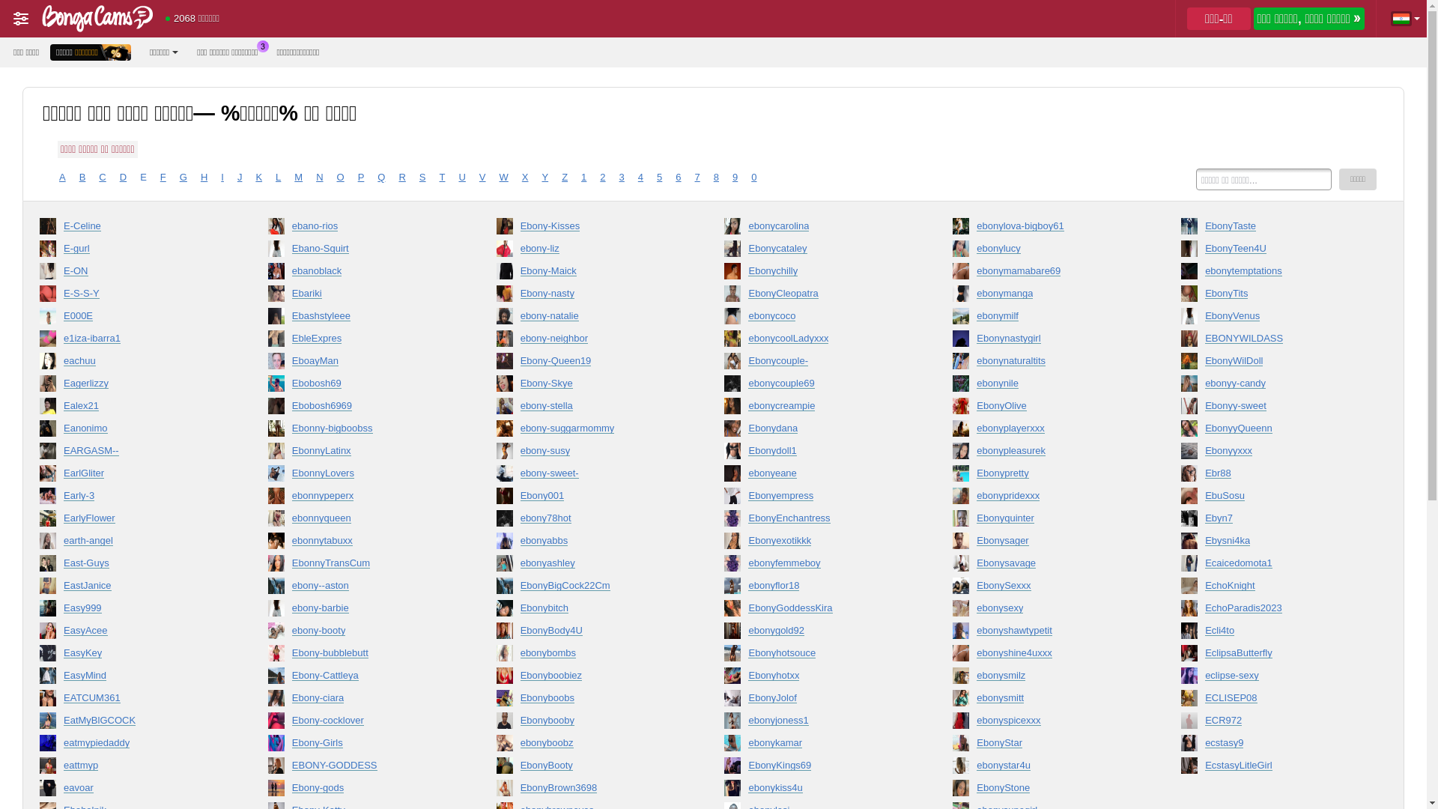 The width and height of the screenshot is (1438, 809). Describe the element at coordinates (1045, 228) in the screenshot. I see `'ebonylova-bigboy61'` at that location.